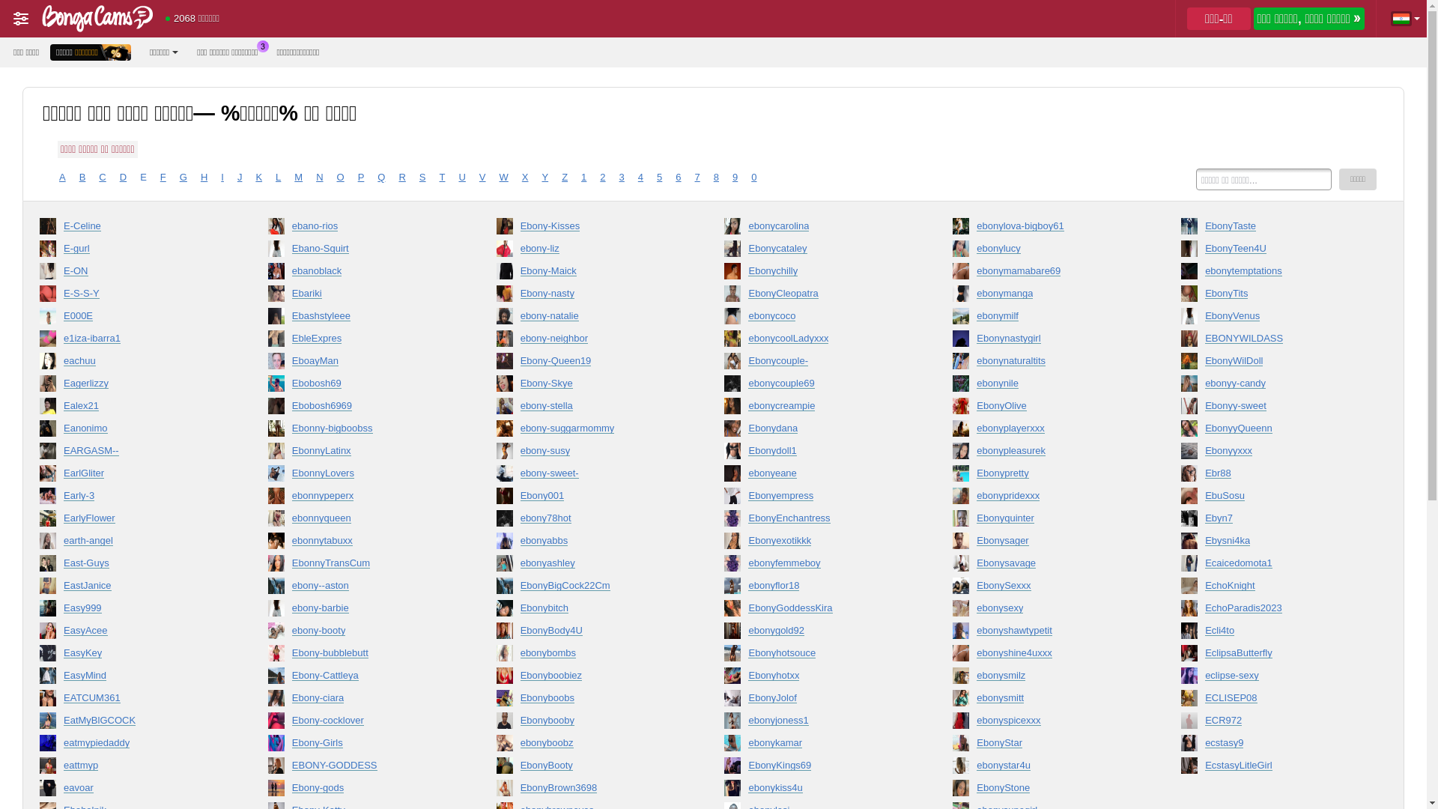 The width and height of the screenshot is (1438, 809). Describe the element at coordinates (1045, 228) in the screenshot. I see `'ebonylova-bigboy61'` at that location.